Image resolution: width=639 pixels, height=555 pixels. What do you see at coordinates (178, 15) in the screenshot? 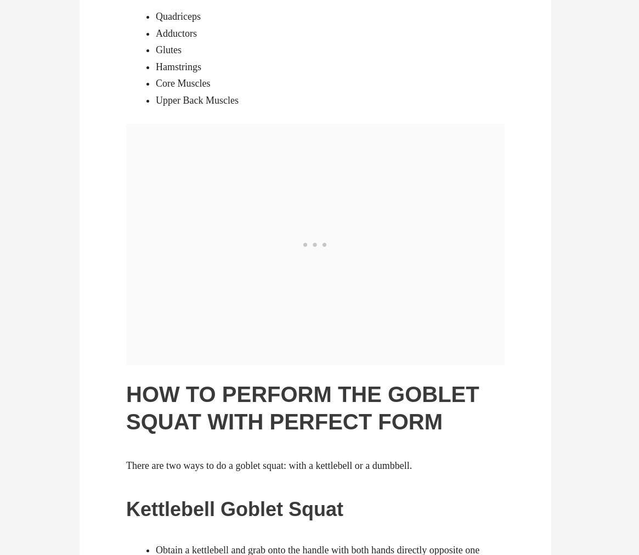
I see `'Quadriceps'` at bounding box center [178, 15].